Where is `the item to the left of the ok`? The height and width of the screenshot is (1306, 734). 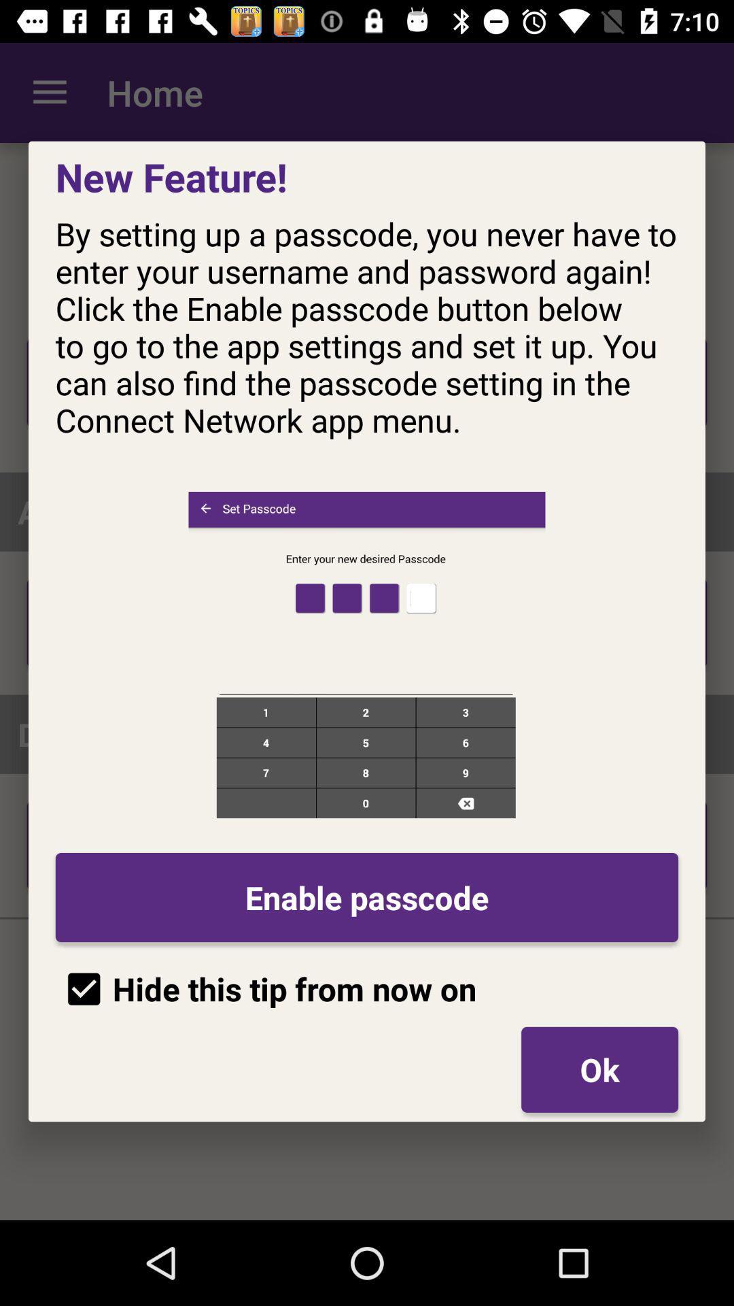
the item to the left of the ok is located at coordinates (266, 989).